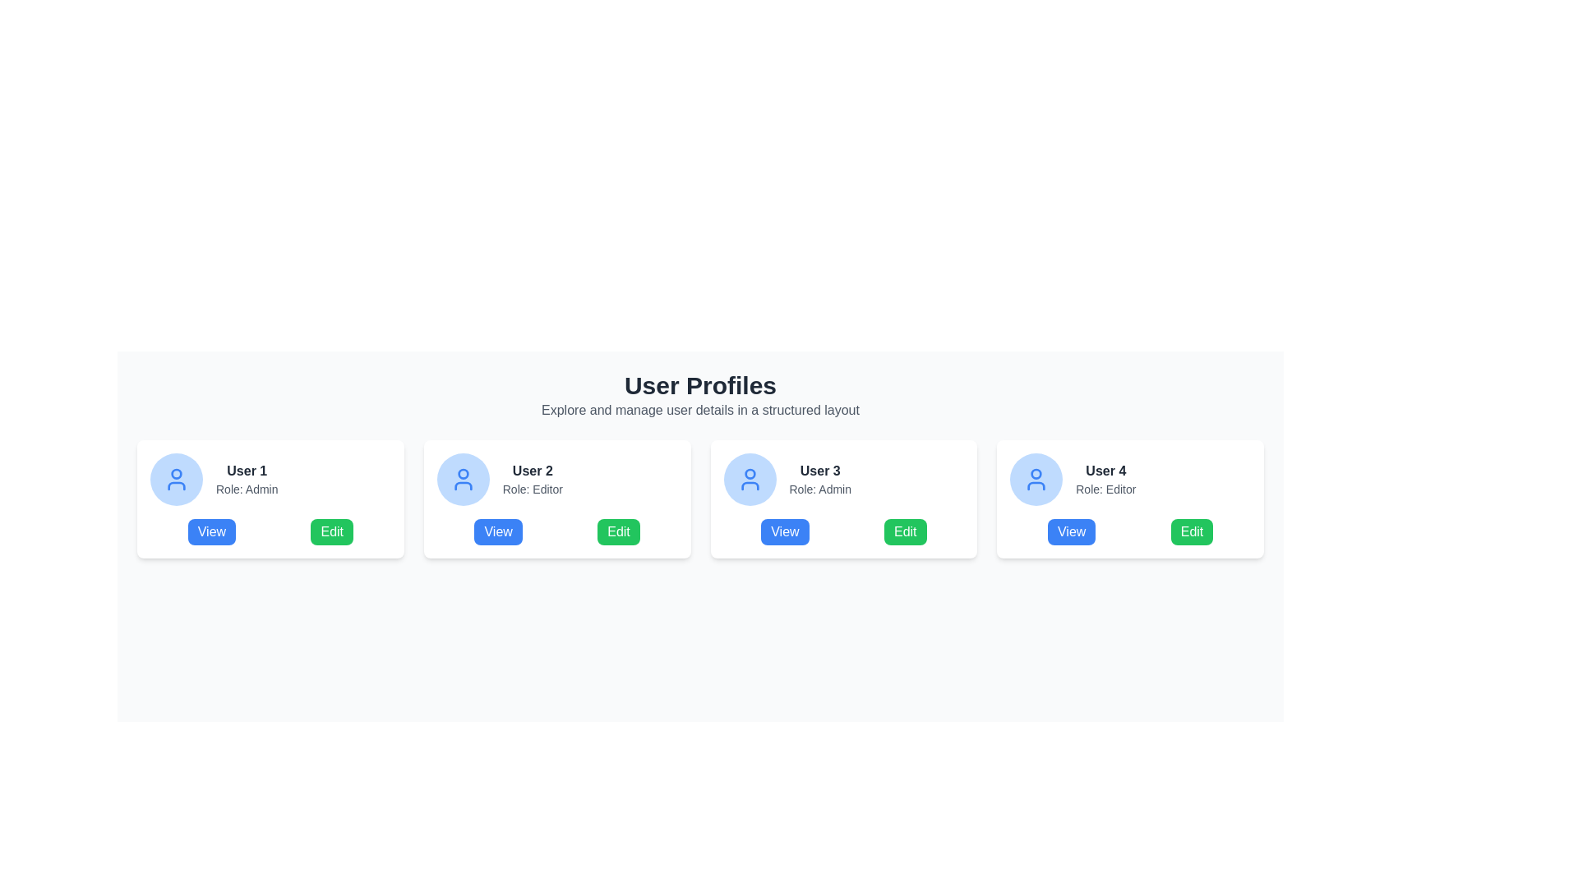 The width and height of the screenshot is (1578, 887). What do you see at coordinates (784, 532) in the screenshot?
I see `the button for User 3, located in the user card below the role information` at bounding box center [784, 532].